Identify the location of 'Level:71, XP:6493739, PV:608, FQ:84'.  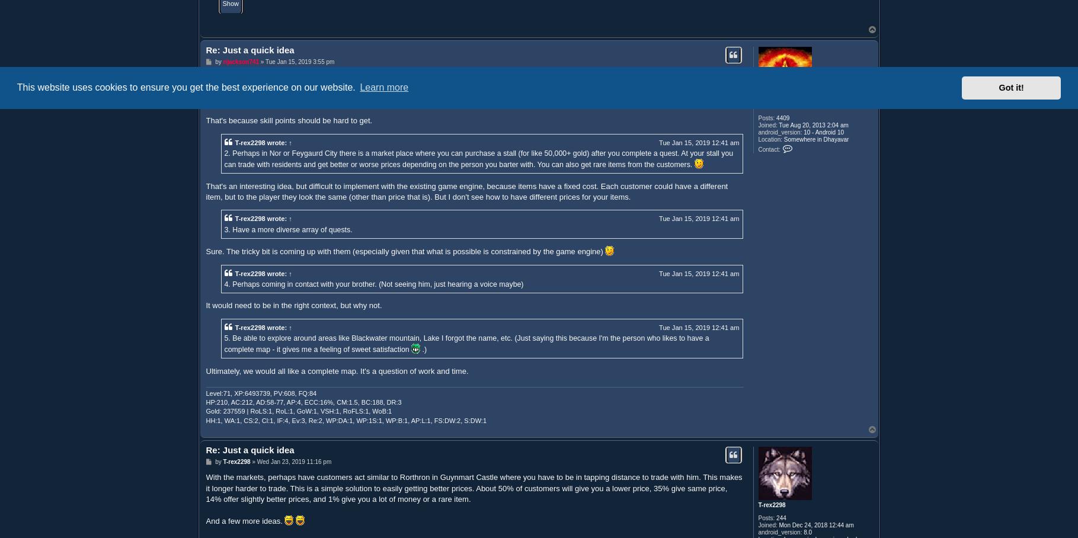
(261, 393).